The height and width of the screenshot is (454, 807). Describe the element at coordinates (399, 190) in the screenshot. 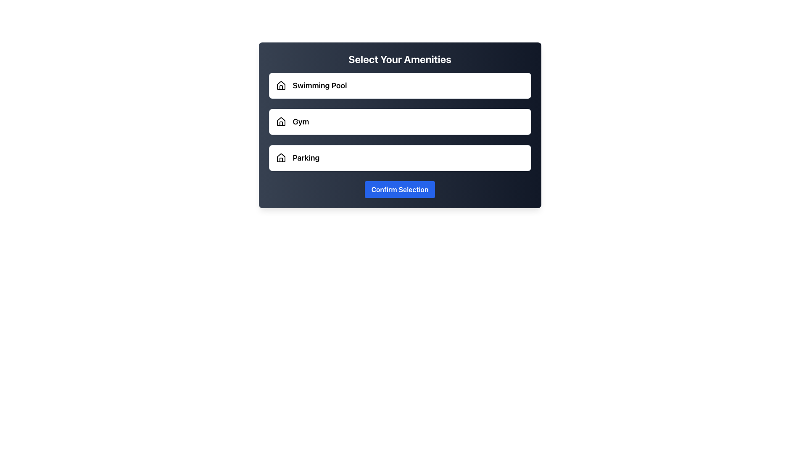

I see `the confirmation button located below the options for 'Swimming Pool', 'Gym', and 'Parking'` at that location.